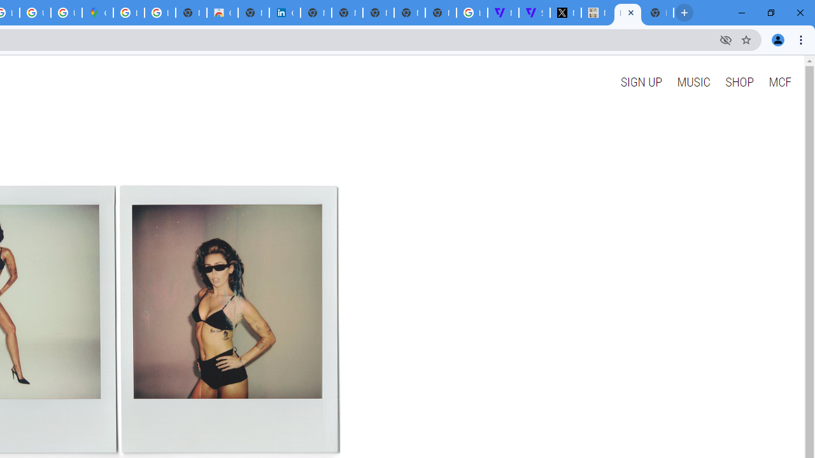 The height and width of the screenshot is (458, 815). I want to click on 'Google Maps', so click(97, 13).